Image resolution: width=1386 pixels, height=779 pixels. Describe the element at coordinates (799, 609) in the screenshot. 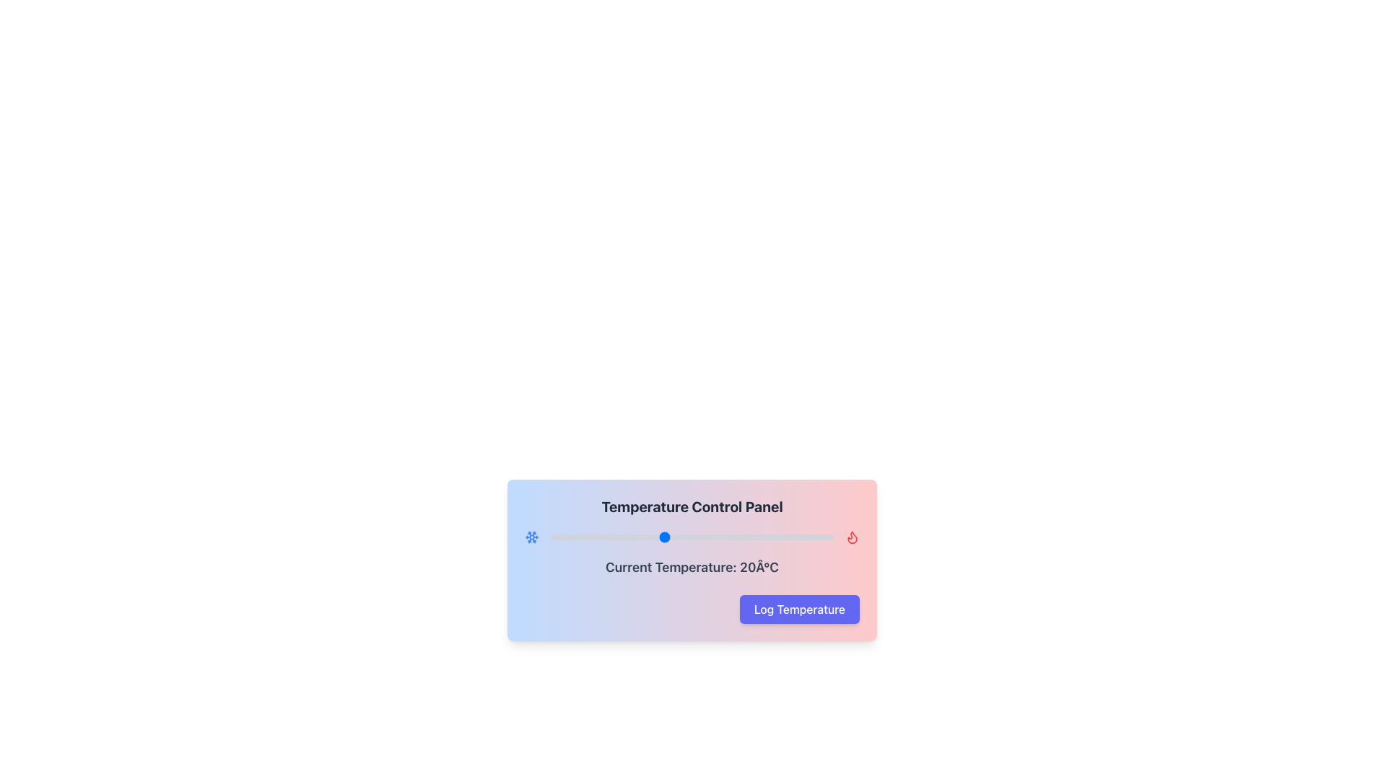

I see `the temperature logging button located near the bottom right of the temperature control panel to log the current temperature` at that location.